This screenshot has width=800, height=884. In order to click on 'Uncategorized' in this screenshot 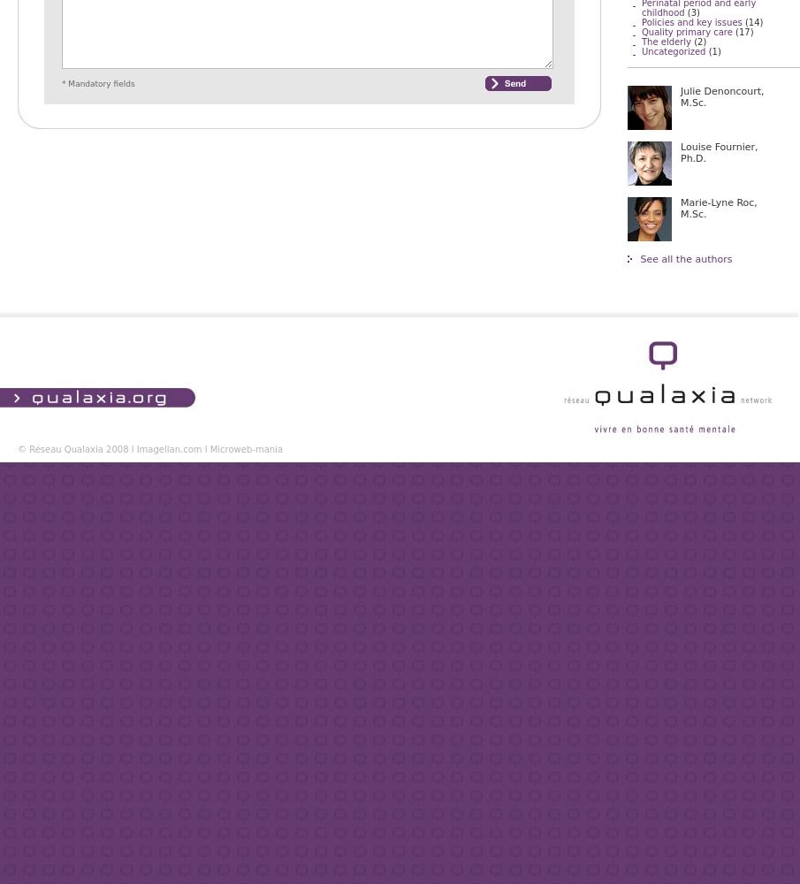, I will do `click(640, 51)`.